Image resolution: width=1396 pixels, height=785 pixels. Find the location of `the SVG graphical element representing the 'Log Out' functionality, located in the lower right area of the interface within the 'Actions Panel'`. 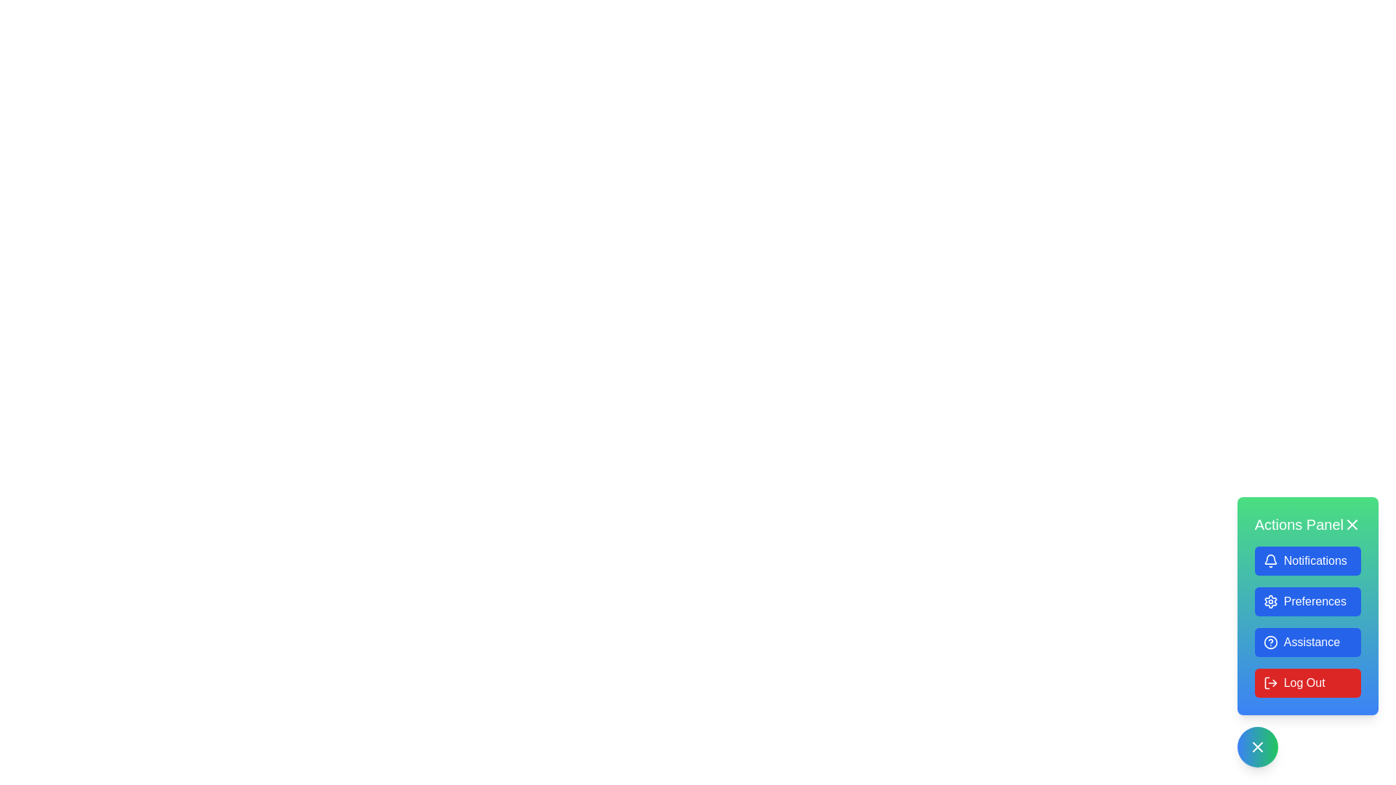

the SVG graphical element representing the 'Log Out' functionality, located in the lower right area of the interface within the 'Actions Panel' is located at coordinates (1266, 683).